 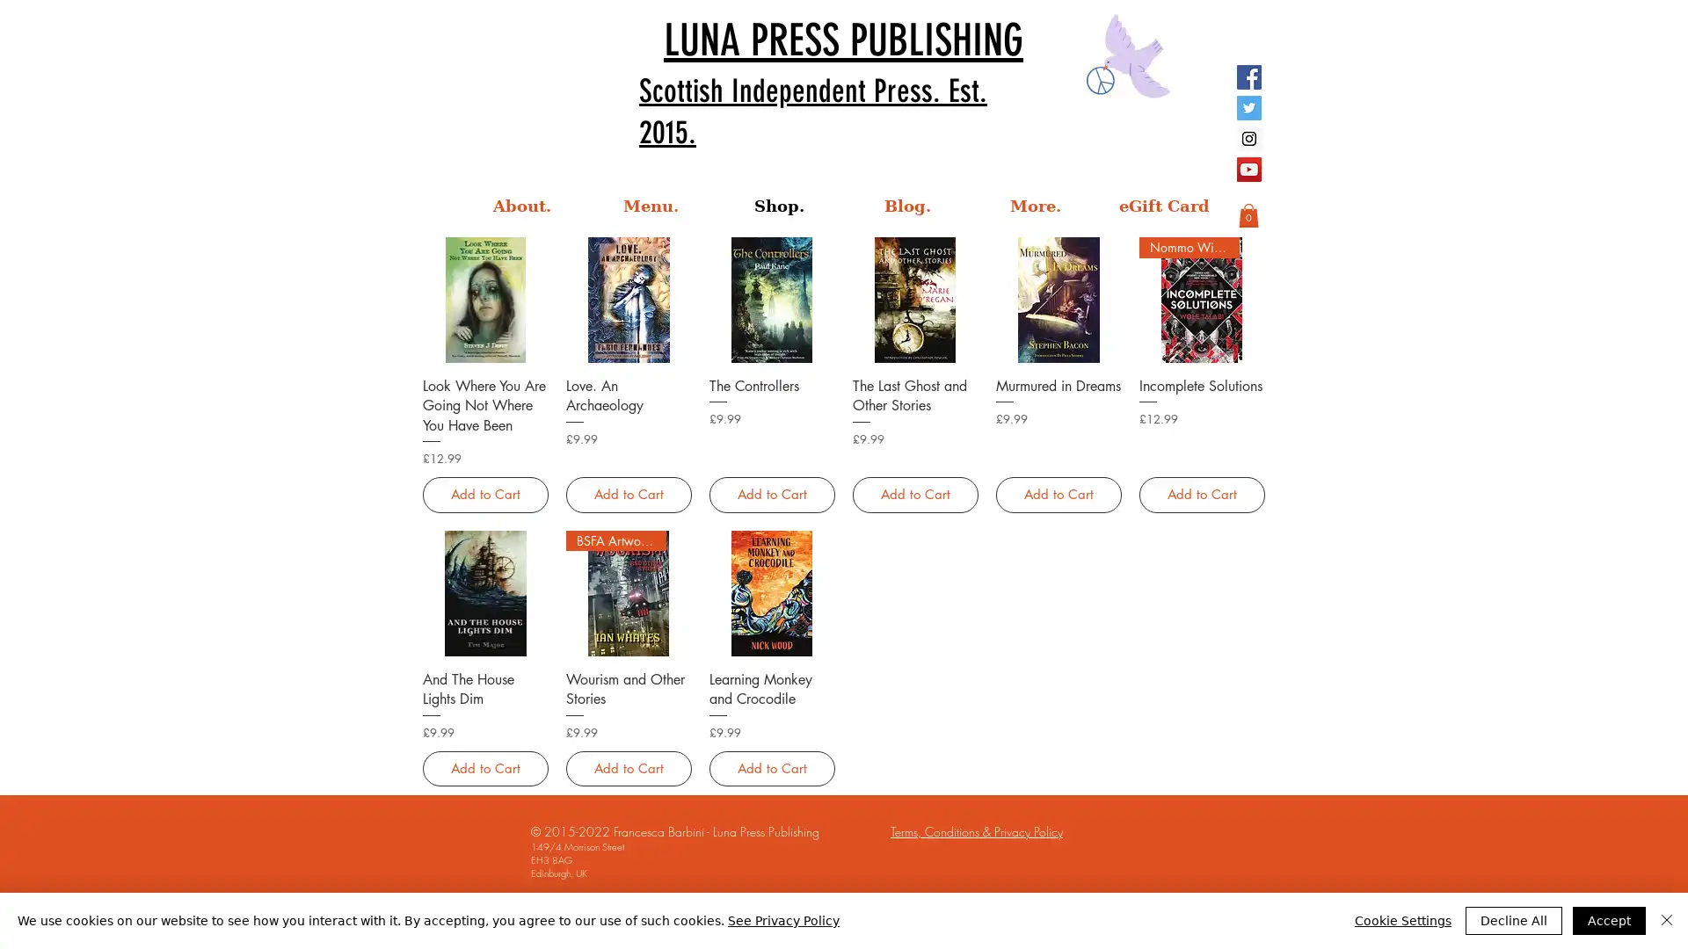 I want to click on Quick View, so click(x=485, y=677).